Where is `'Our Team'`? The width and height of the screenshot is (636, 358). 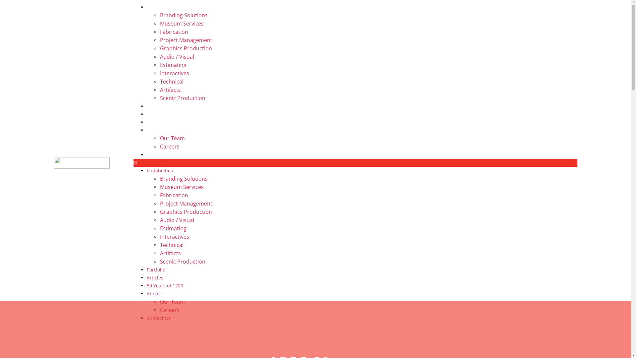 'Our Team' is located at coordinates (172, 138).